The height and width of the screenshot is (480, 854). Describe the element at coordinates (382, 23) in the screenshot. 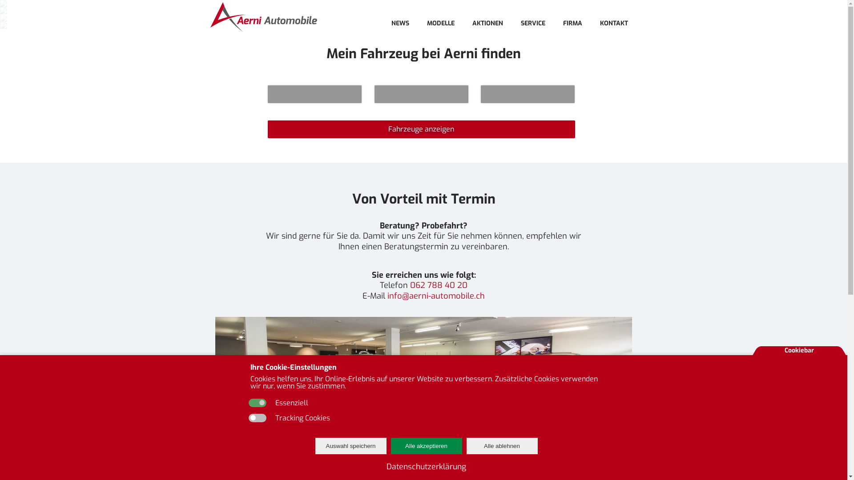

I see `'NEWS'` at that location.